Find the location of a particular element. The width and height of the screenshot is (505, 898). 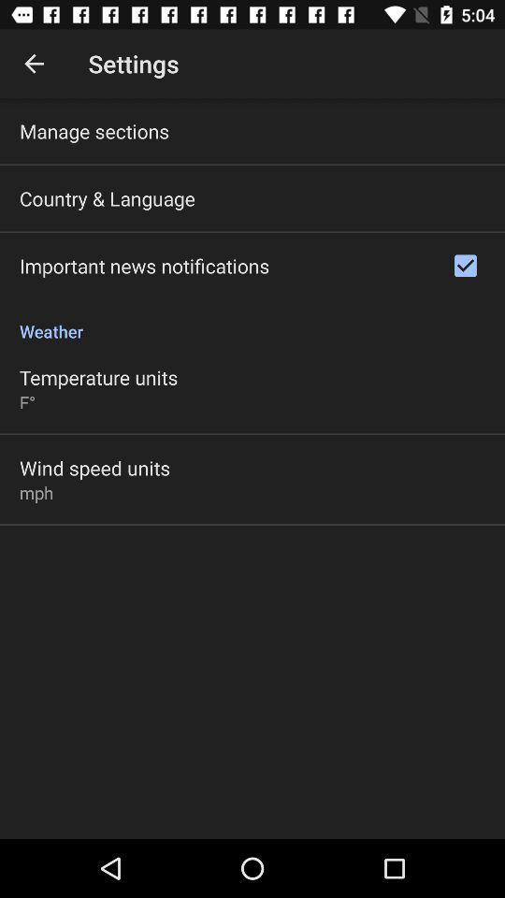

the mph item is located at coordinates (36, 491).